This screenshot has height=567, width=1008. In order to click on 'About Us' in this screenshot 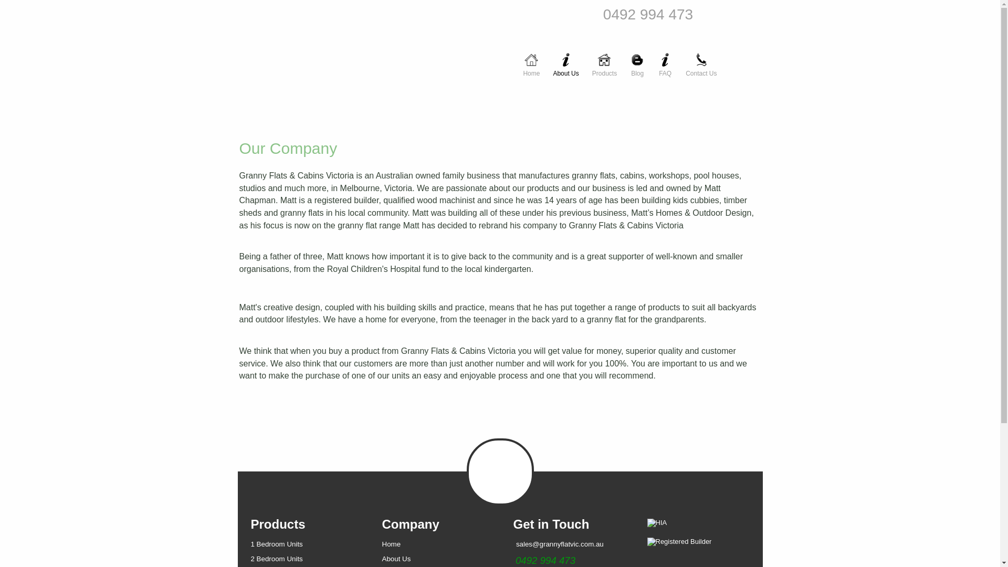, I will do `click(396, 558)`.